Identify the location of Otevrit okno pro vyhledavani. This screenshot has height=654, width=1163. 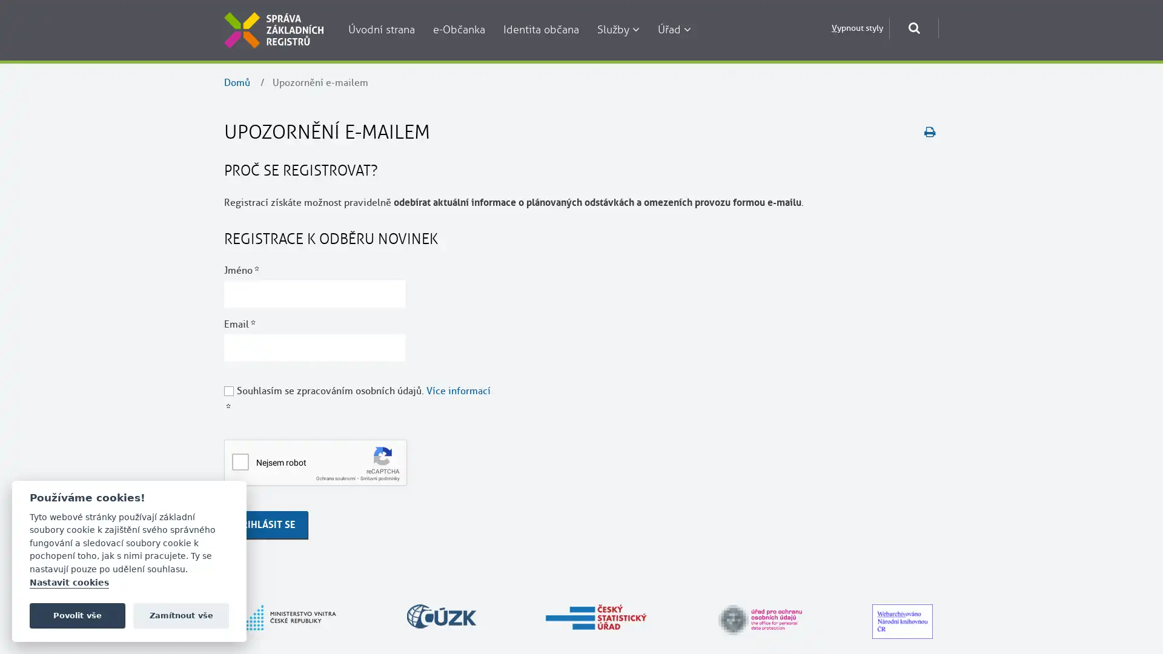
(913, 27).